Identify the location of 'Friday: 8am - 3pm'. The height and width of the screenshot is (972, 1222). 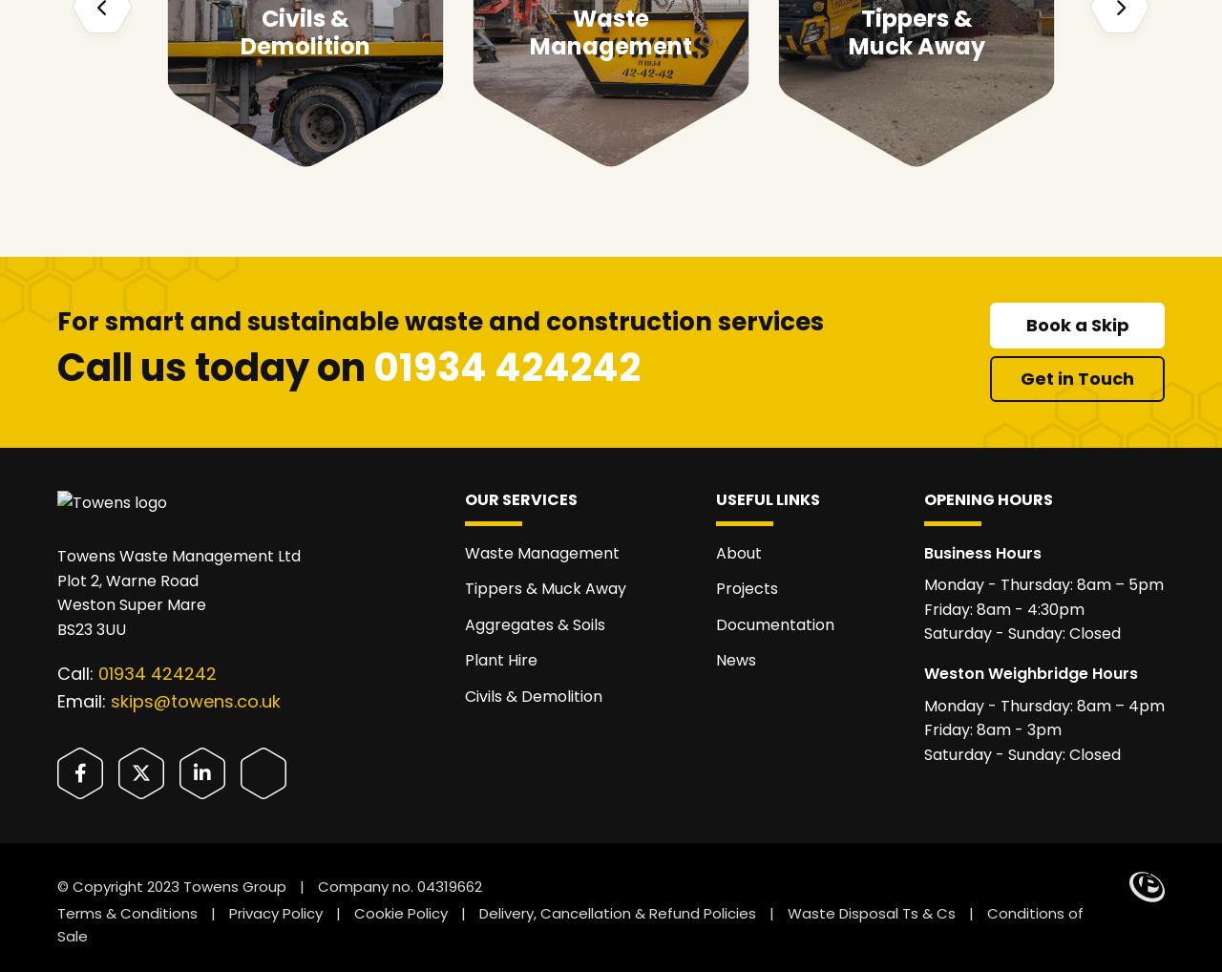
(993, 729).